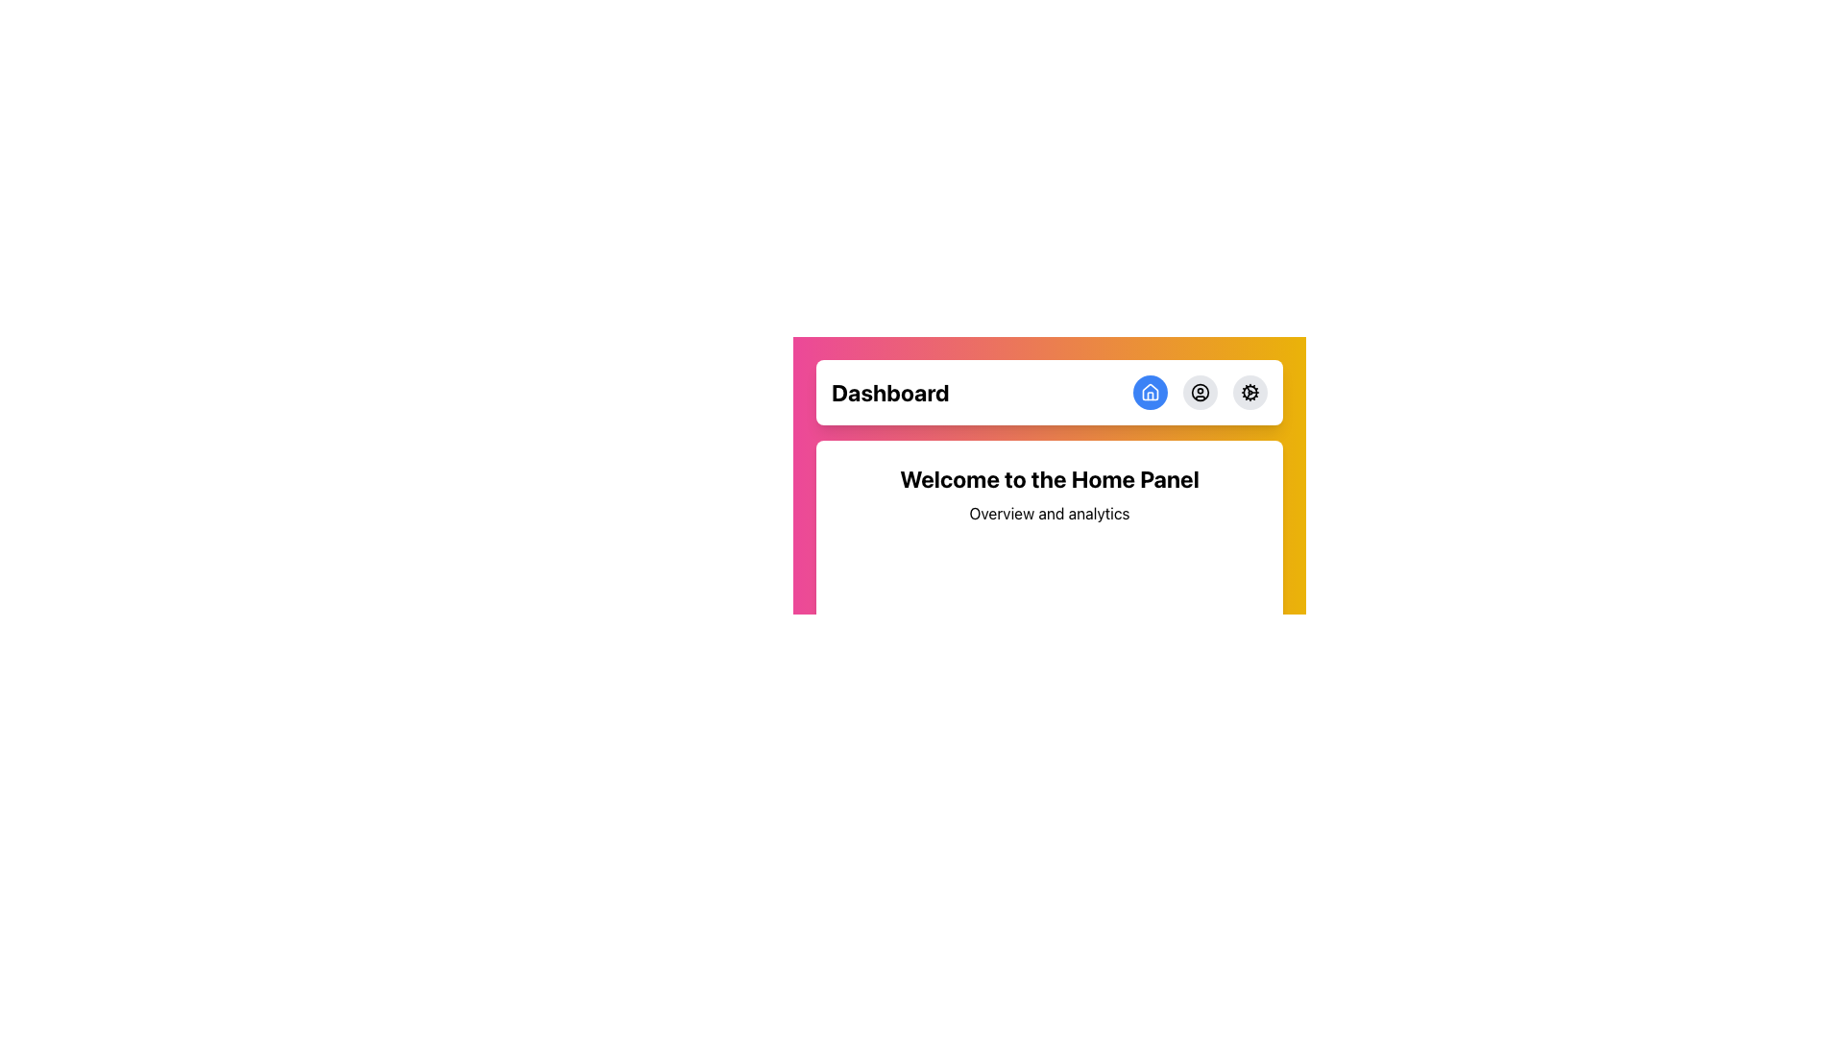 The height and width of the screenshot is (1037, 1844). Describe the element at coordinates (1199, 391) in the screenshot. I see `the circular button with a light gray background and user silhouette icon located on the right side of the header` at that location.